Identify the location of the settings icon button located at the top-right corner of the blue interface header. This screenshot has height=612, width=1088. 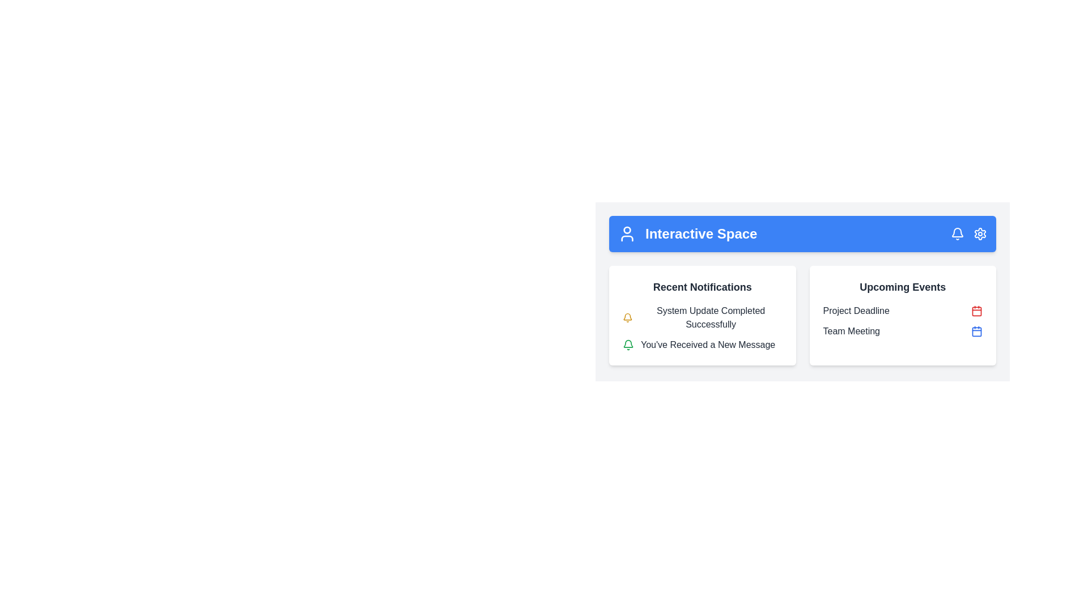
(979, 233).